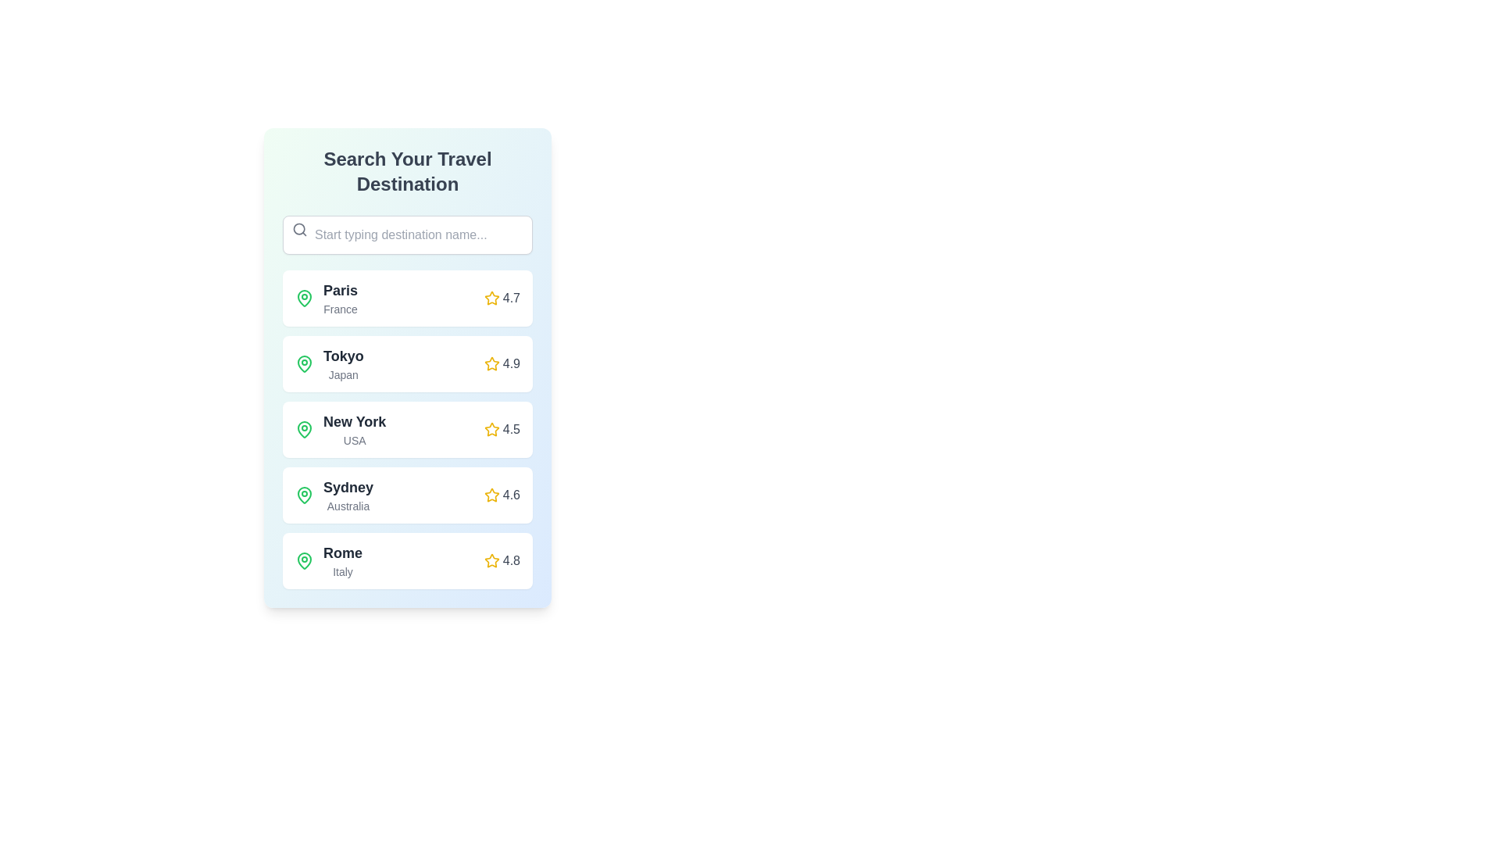 The height and width of the screenshot is (844, 1500). What do you see at coordinates (340, 298) in the screenshot?
I see `the text block containing the name 'Paris' in bold font, which is located above the smaller text 'France' and positioned to the right of a green pin icon` at bounding box center [340, 298].